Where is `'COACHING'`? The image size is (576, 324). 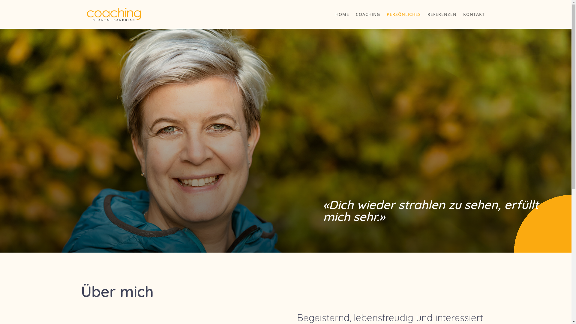 'COACHING' is located at coordinates (367, 14).